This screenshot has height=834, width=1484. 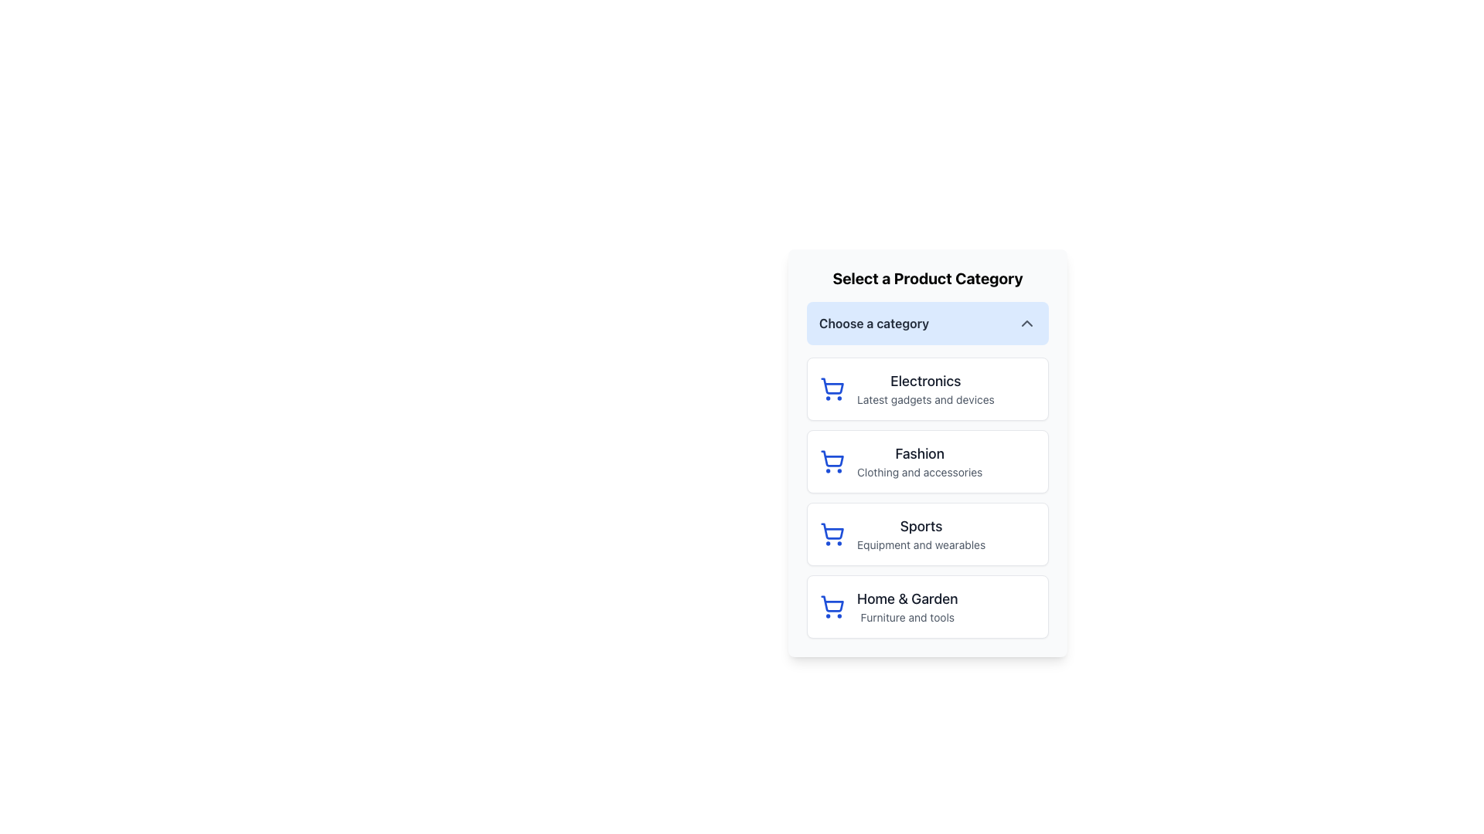 What do you see at coordinates (925, 381) in the screenshot?
I see `the 'Electronics' text label, which is a bold, large font label located within a category card` at bounding box center [925, 381].